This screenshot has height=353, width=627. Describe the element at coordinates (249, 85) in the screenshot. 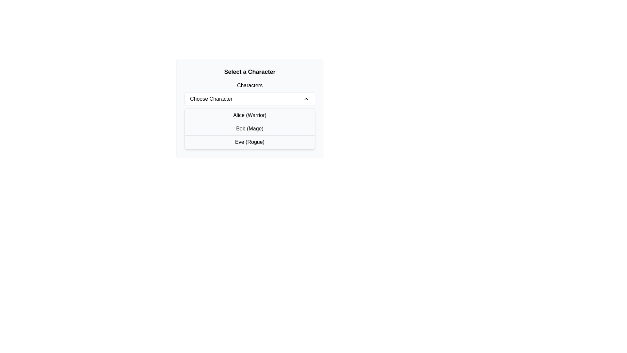

I see `the static label that introduces the dropdown component for character selection, located below the header 'Select a Character' and above the dropdown labeled 'Choose Character'` at that location.